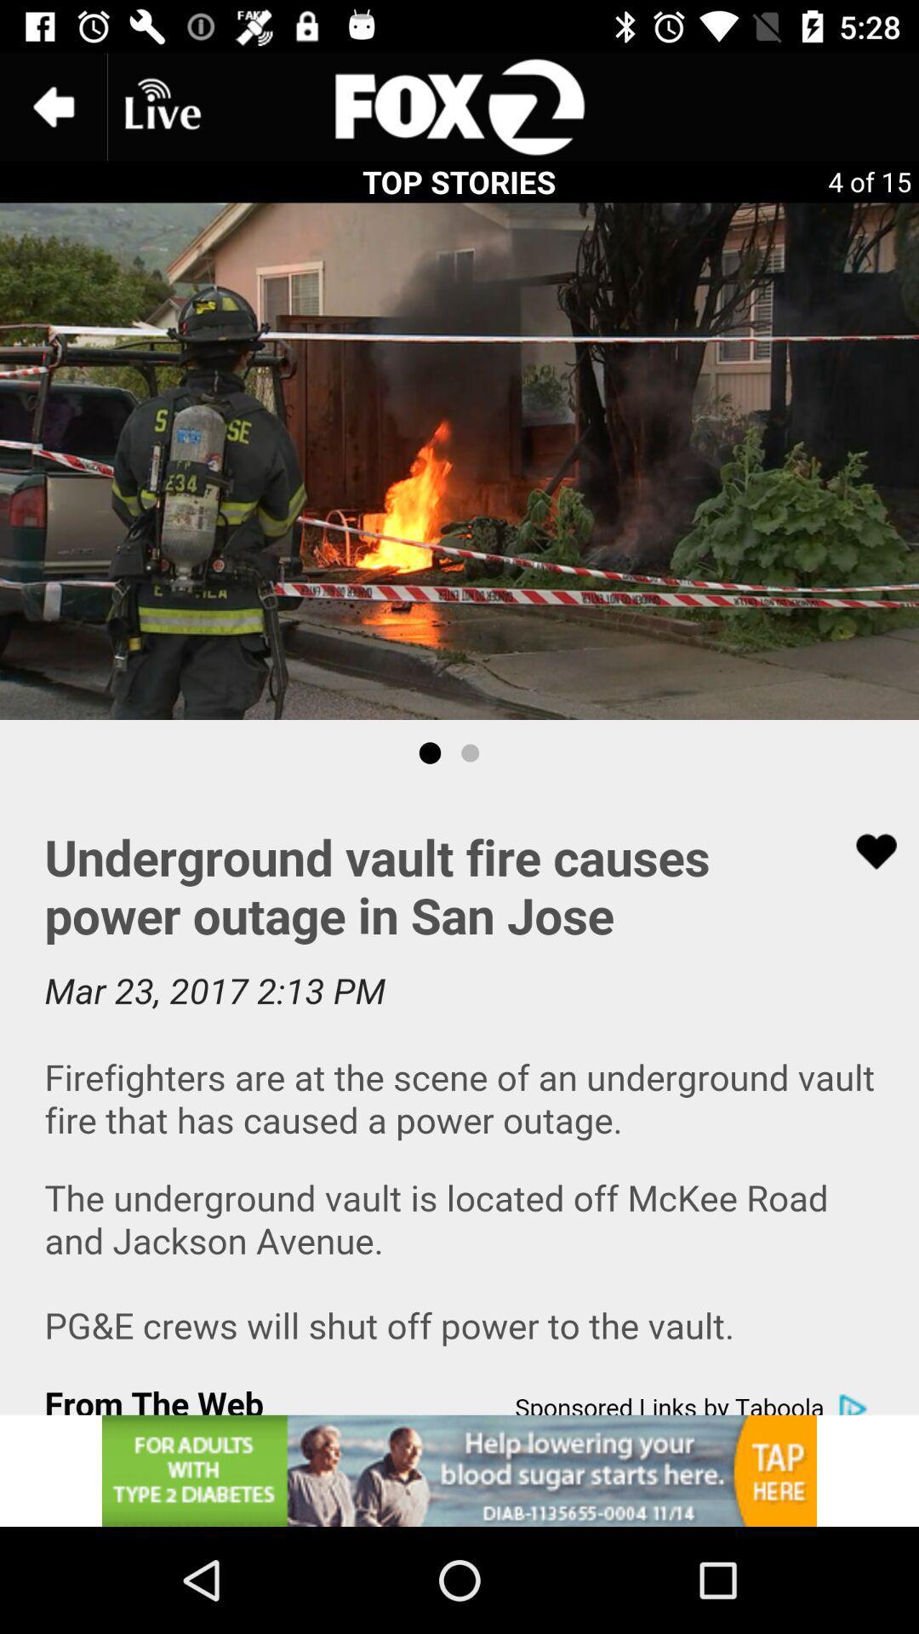 The width and height of the screenshot is (919, 1634). What do you see at coordinates (52, 106) in the screenshot?
I see `the arrow_backward icon` at bounding box center [52, 106].